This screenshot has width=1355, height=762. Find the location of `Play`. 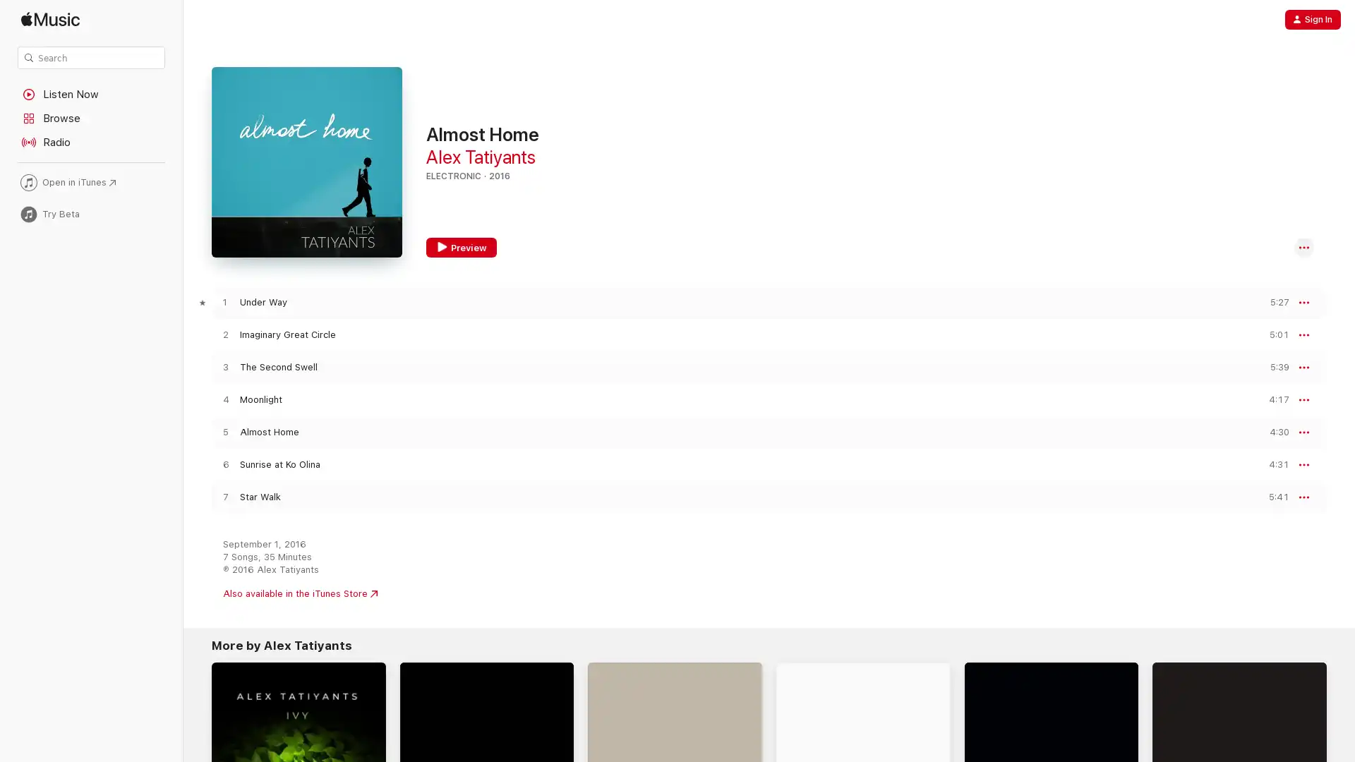

Play is located at coordinates (224, 399).